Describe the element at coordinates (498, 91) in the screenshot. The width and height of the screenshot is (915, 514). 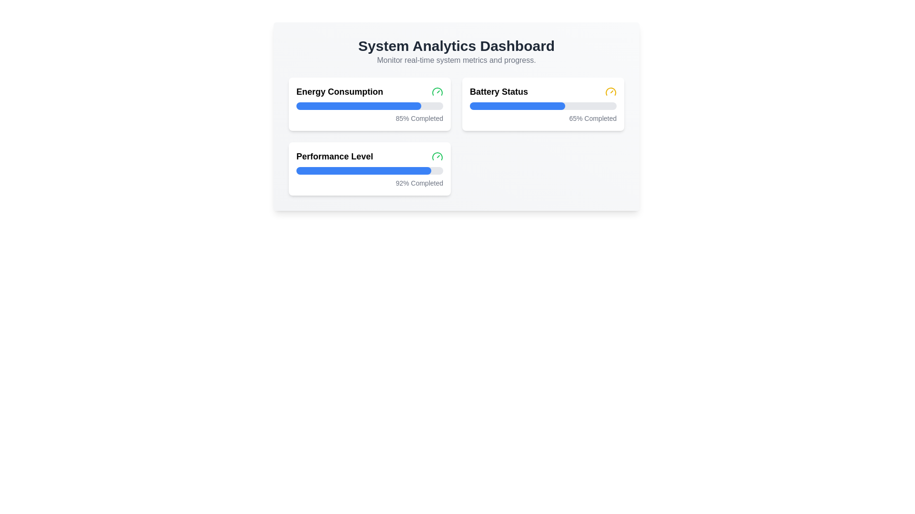
I see `battery status label located in the top-right card of the dashboard, positioned slightly left of the card's center, above the progress bar` at that location.